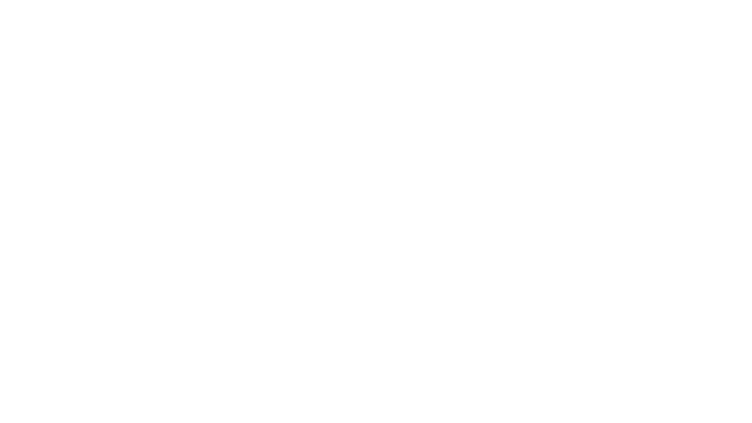 This screenshot has height=423, width=752. What do you see at coordinates (441, 102) in the screenshot?
I see `Yushin Shinoda` at bounding box center [441, 102].